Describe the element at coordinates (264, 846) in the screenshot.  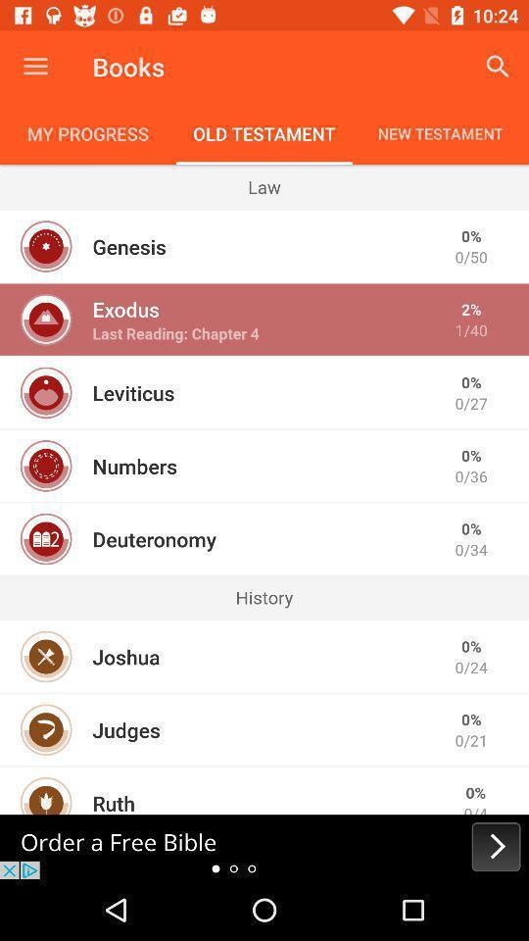
I see `advertisement` at that location.